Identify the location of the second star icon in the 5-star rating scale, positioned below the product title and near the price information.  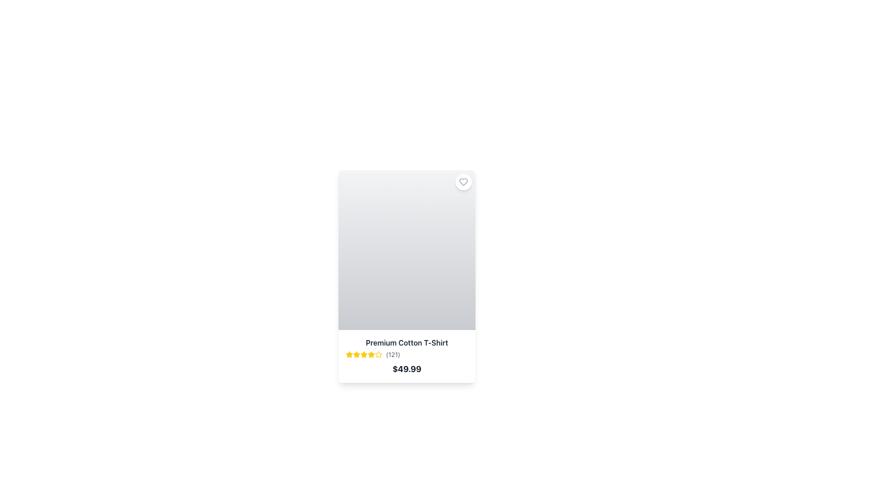
(356, 354).